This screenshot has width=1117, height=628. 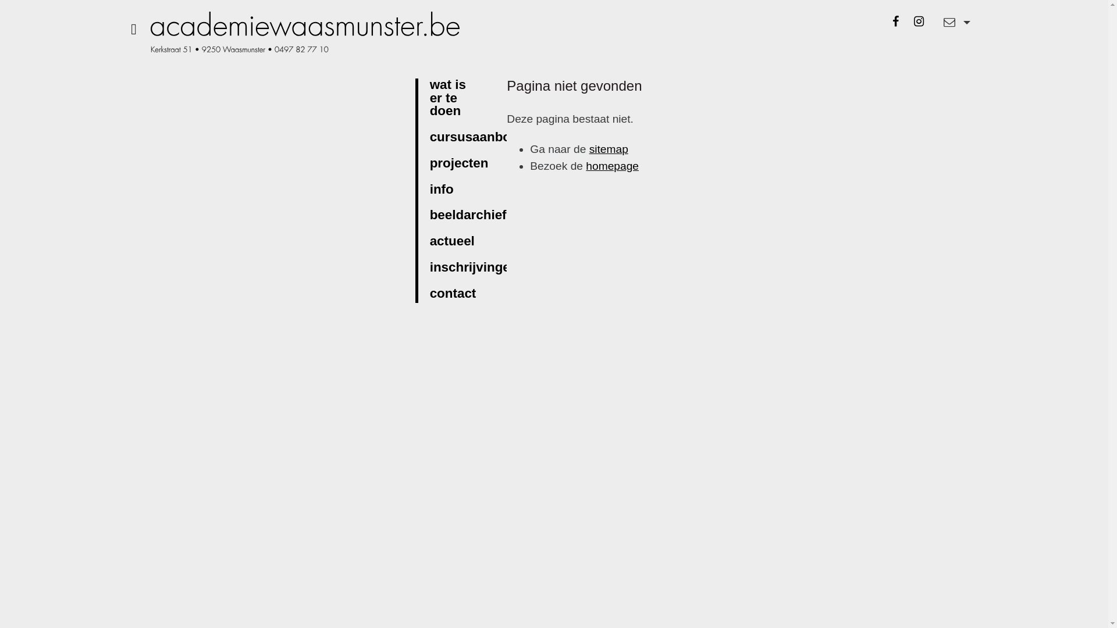 What do you see at coordinates (459, 98) in the screenshot?
I see `'wat is er te doen'` at bounding box center [459, 98].